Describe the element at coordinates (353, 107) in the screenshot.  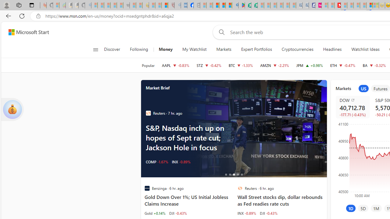
I see `'DOW DJI decrease 40,712.78 -177.71 -0.43%'` at that location.